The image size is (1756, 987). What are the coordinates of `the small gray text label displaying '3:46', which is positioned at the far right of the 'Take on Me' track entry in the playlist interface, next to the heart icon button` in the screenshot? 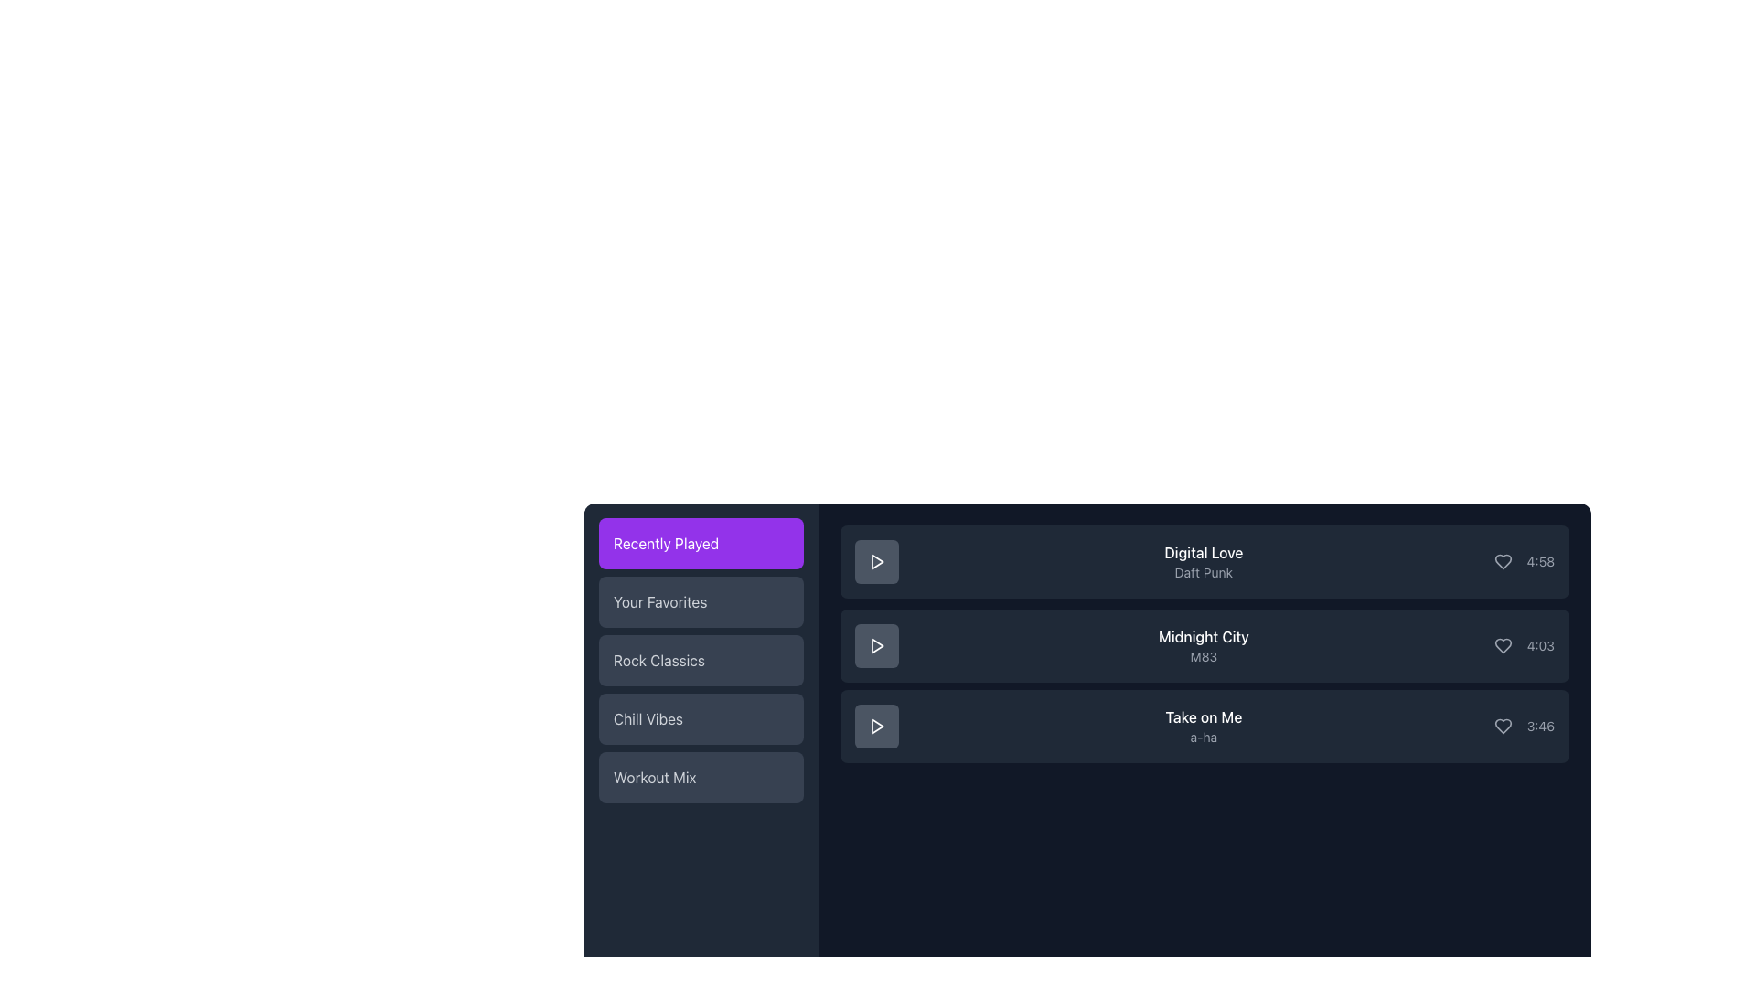 It's located at (1539, 725).